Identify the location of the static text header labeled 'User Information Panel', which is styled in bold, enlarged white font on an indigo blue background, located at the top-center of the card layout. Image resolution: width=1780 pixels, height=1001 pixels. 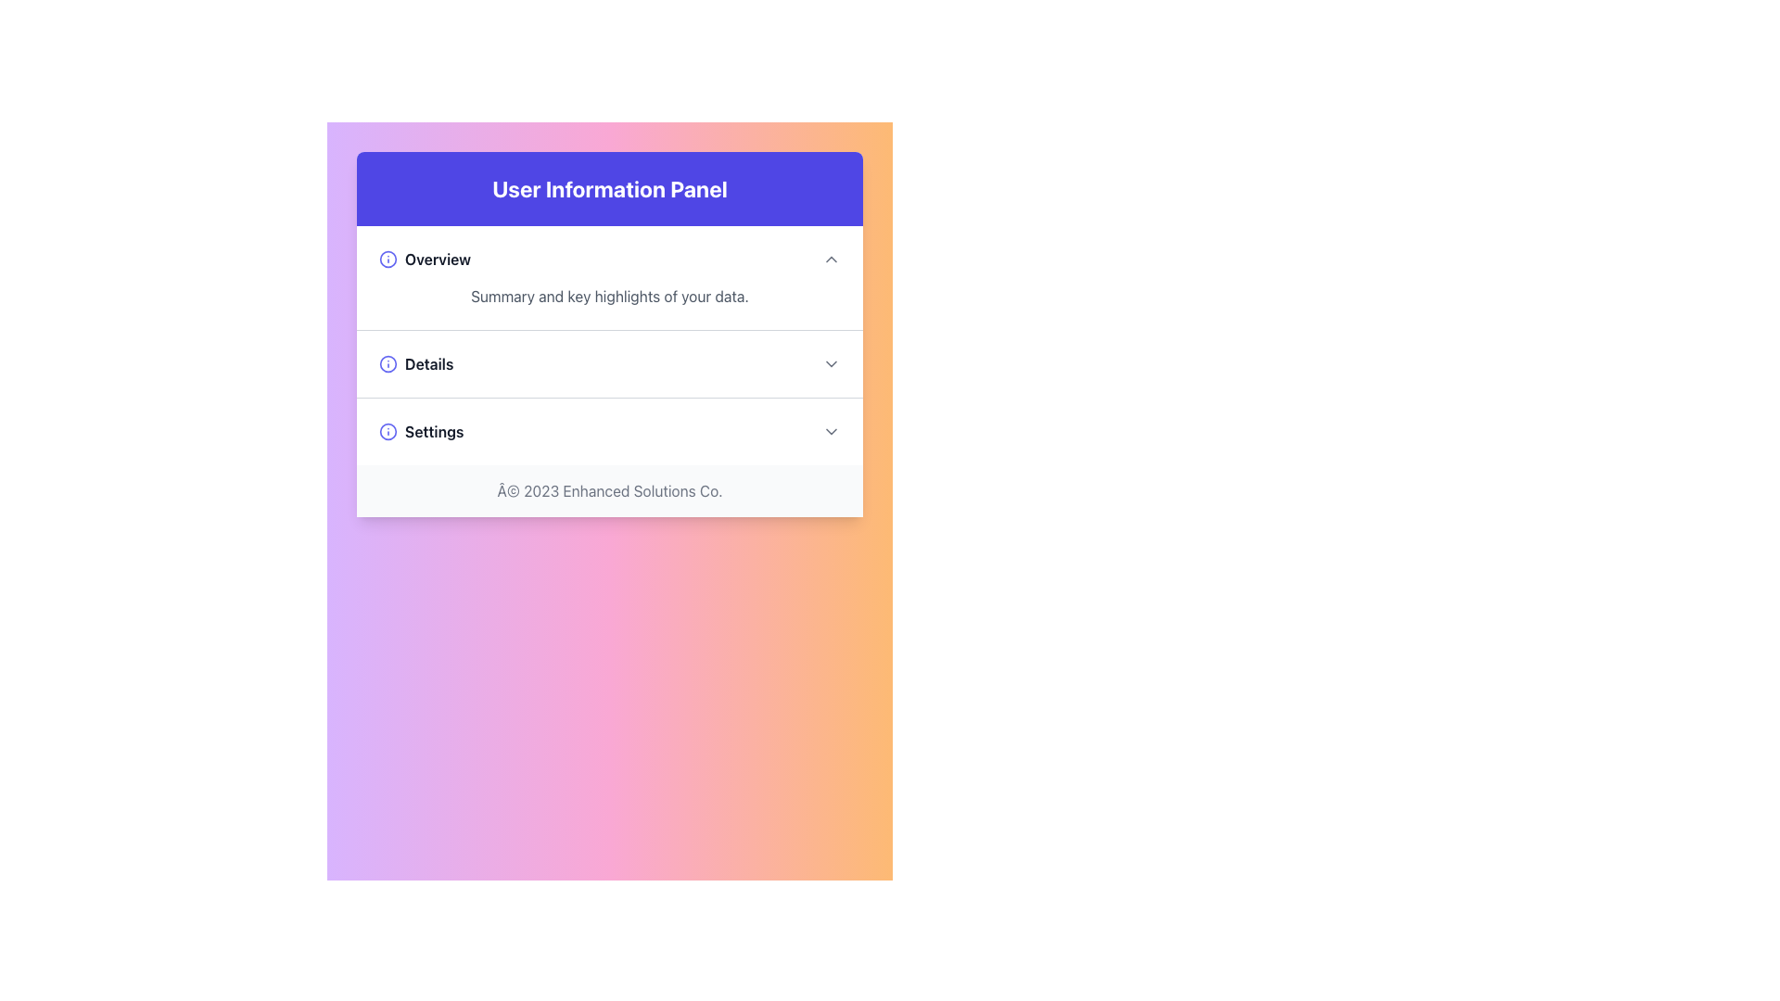
(609, 189).